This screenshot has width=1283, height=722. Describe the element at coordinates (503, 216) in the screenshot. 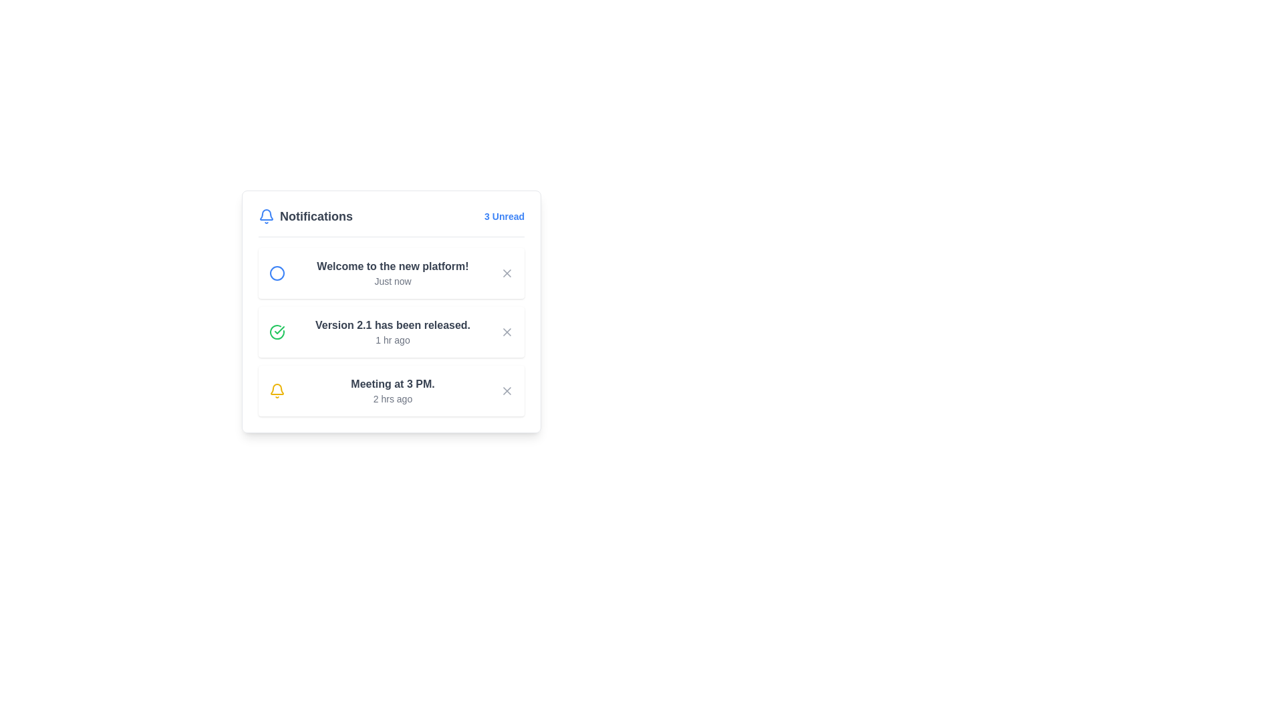

I see `the Text Label indicating the number of unread notifications located at the top-right corner of the 'Notifications' section` at that location.